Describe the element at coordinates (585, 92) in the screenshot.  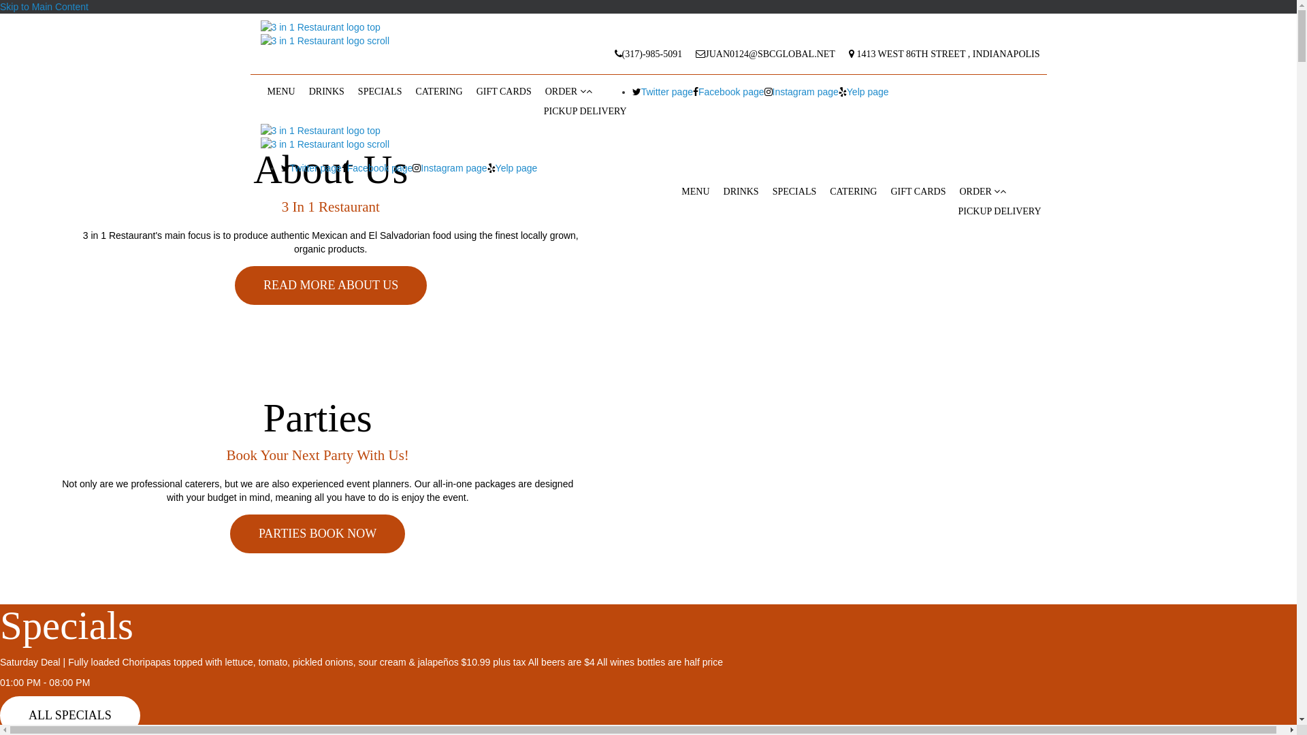
I see `'ORDER'` at that location.